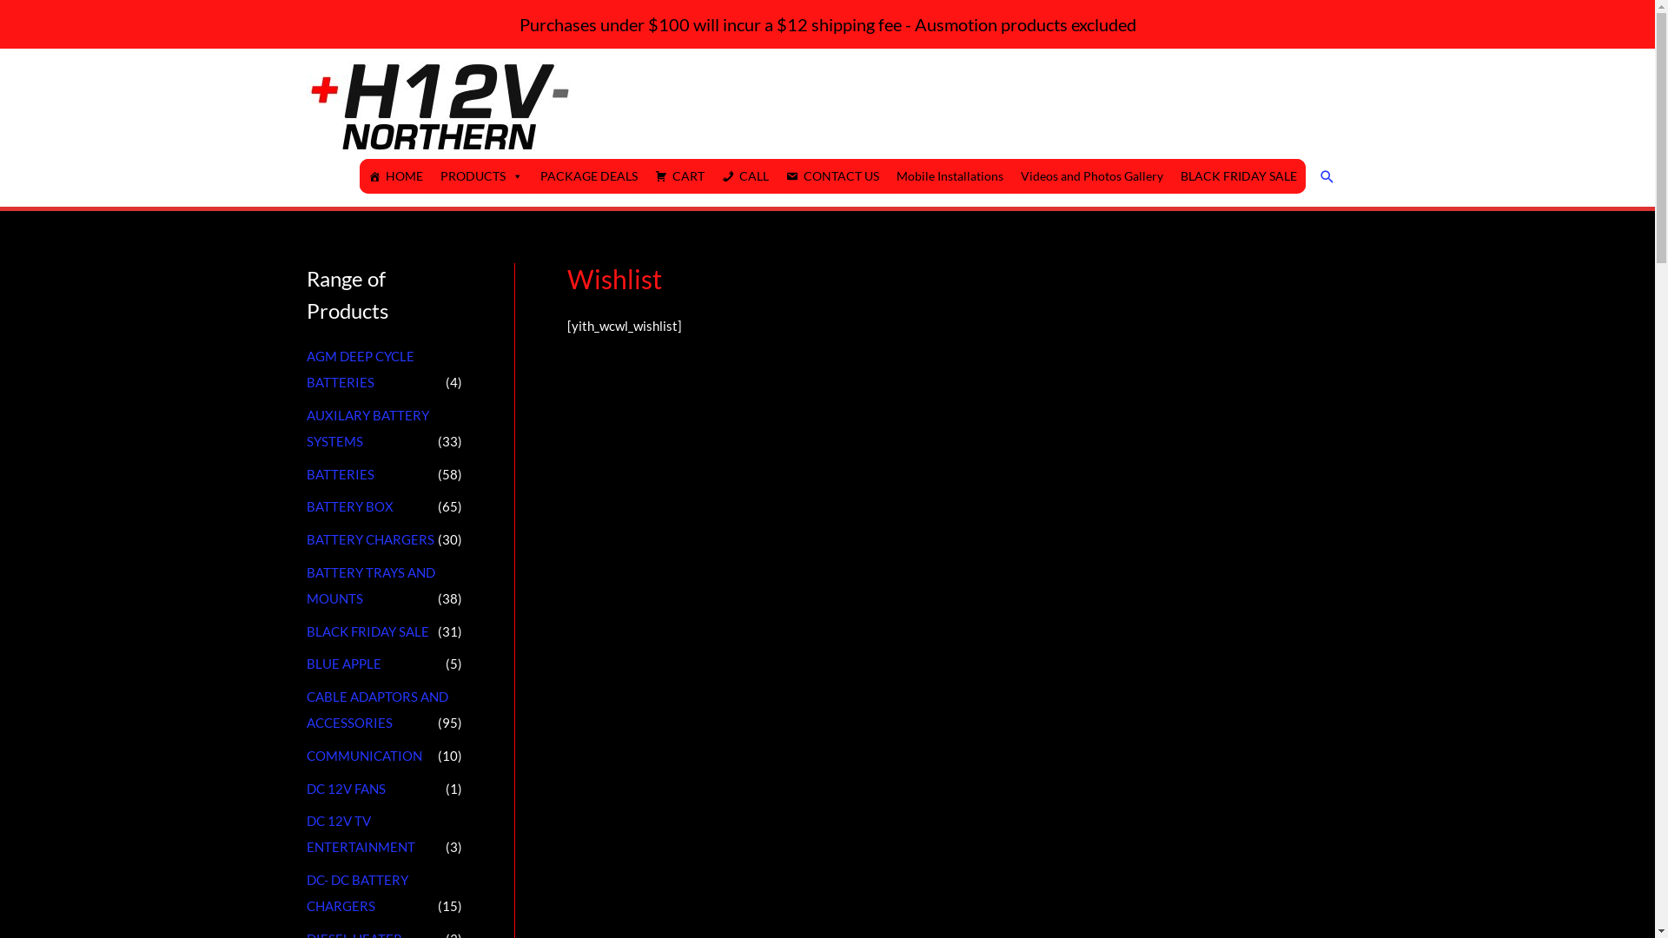 This screenshot has width=1668, height=938. I want to click on 'Search', so click(1326, 176).